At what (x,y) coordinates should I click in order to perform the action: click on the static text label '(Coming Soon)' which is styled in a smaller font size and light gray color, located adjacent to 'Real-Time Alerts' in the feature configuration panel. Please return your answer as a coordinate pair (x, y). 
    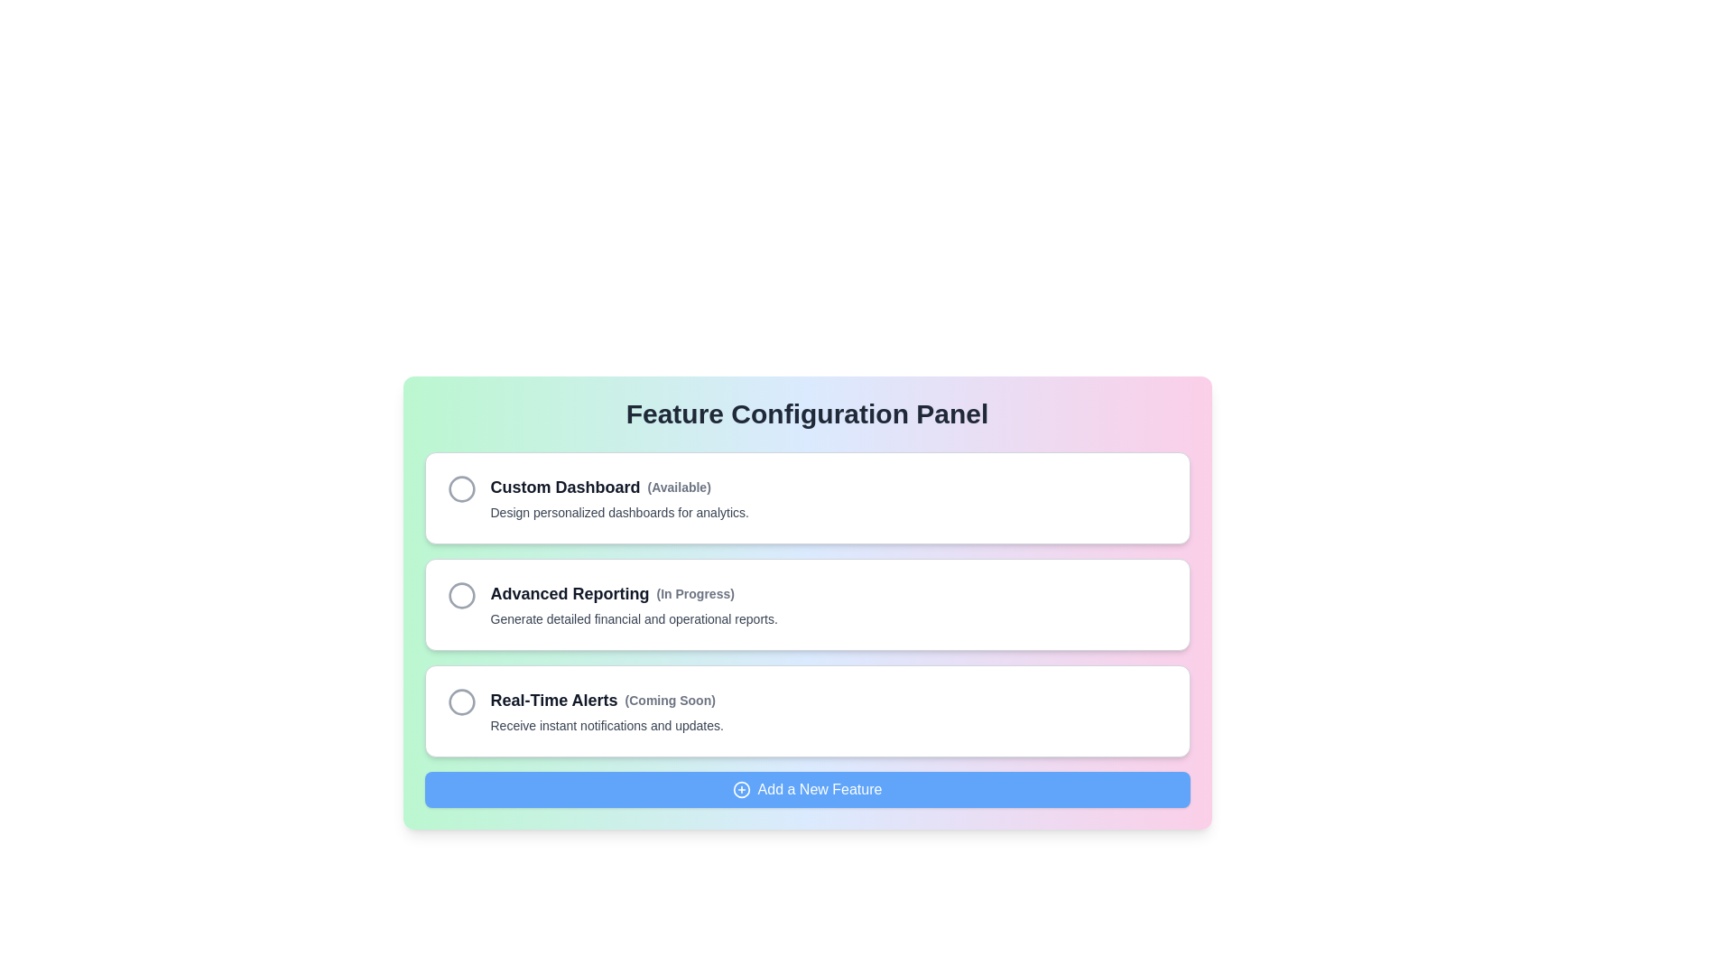
    Looking at the image, I should click on (669, 699).